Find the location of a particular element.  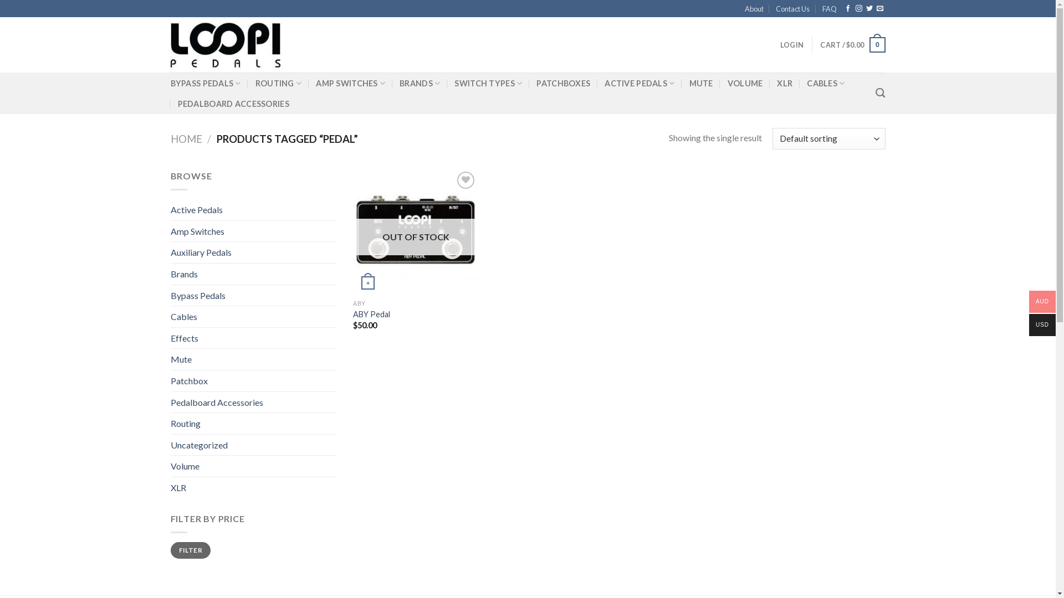

'ABY Pedal' is located at coordinates (371, 315).